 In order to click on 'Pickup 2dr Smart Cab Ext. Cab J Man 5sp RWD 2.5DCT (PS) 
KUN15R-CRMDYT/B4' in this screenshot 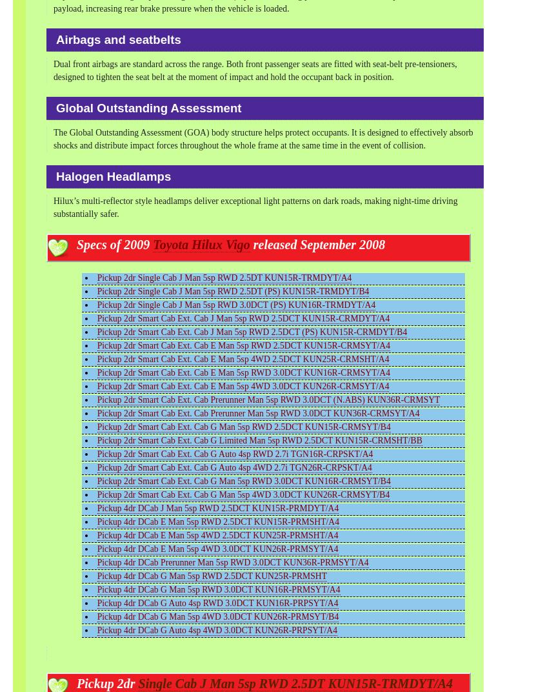, I will do `click(251, 331)`.